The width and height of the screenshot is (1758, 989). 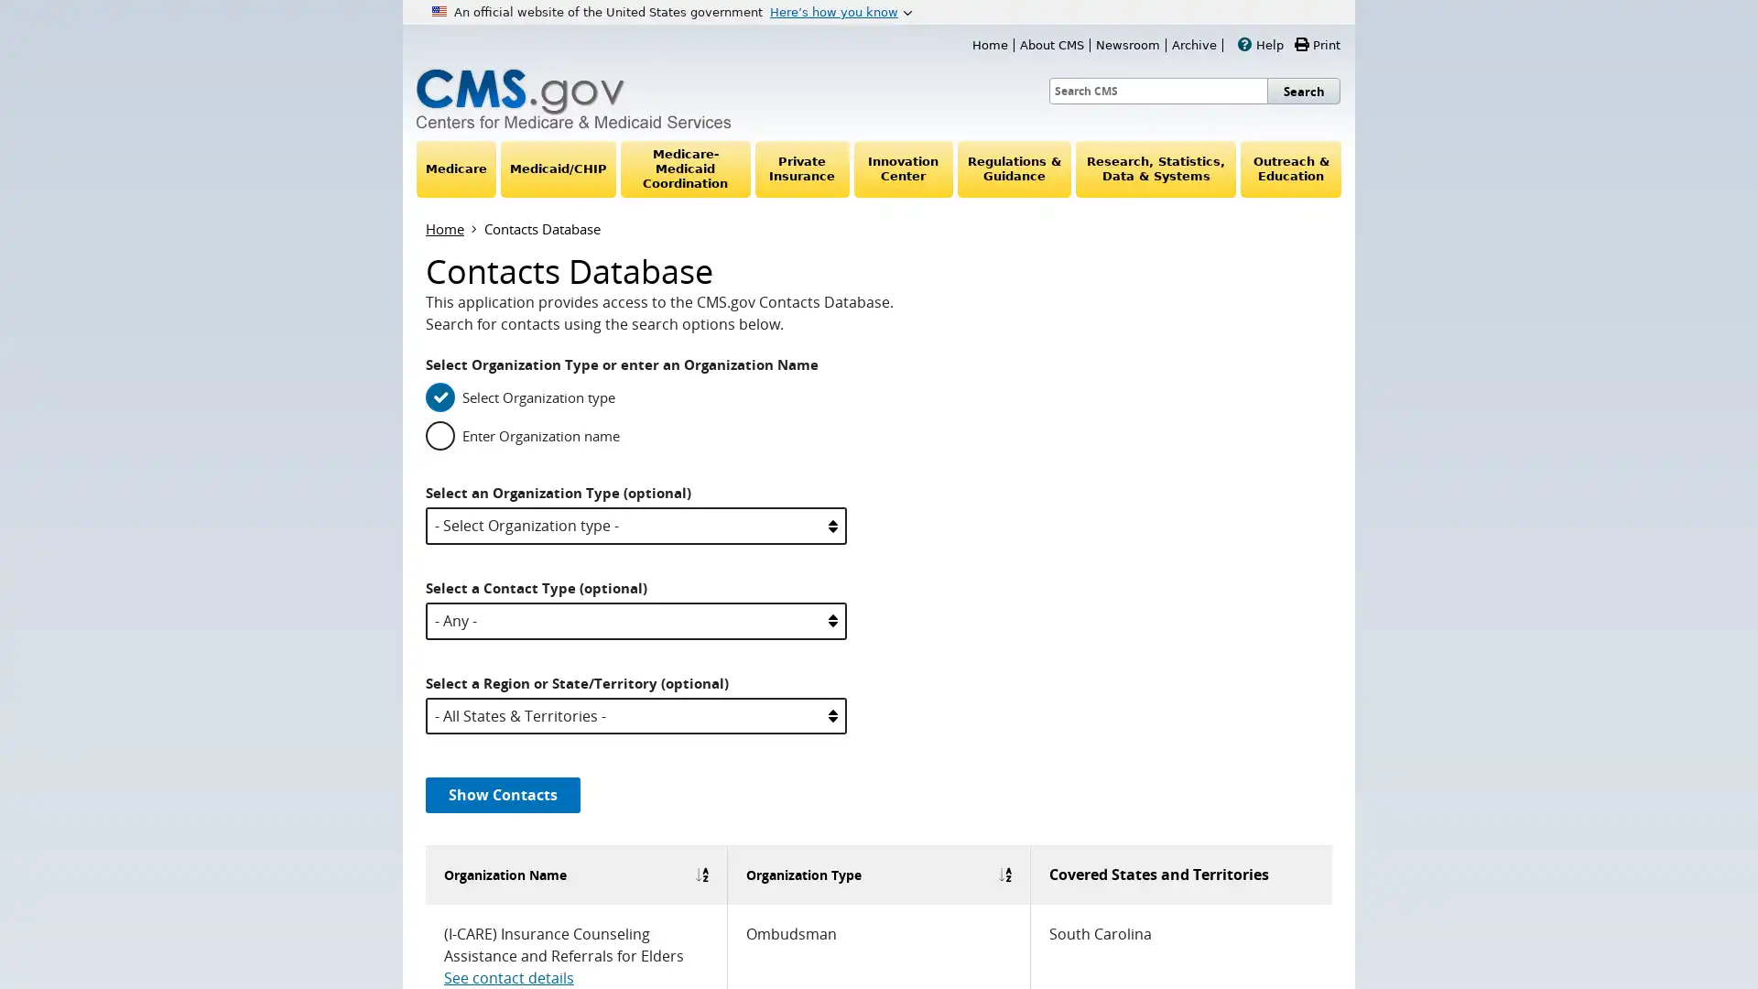 I want to click on Heres how you know, so click(x=840, y=11).